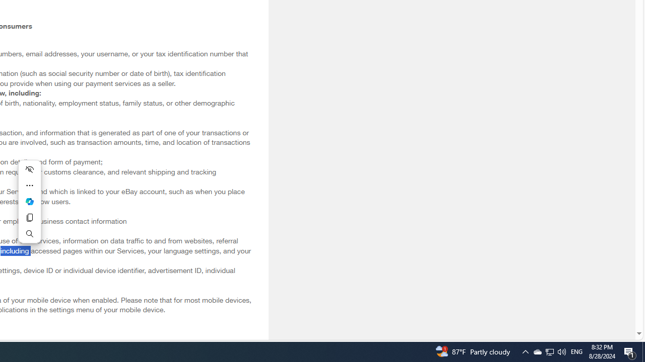 The width and height of the screenshot is (645, 362). Describe the element at coordinates (29, 207) in the screenshot. I see `'Mini menu on text selection'` at that location.